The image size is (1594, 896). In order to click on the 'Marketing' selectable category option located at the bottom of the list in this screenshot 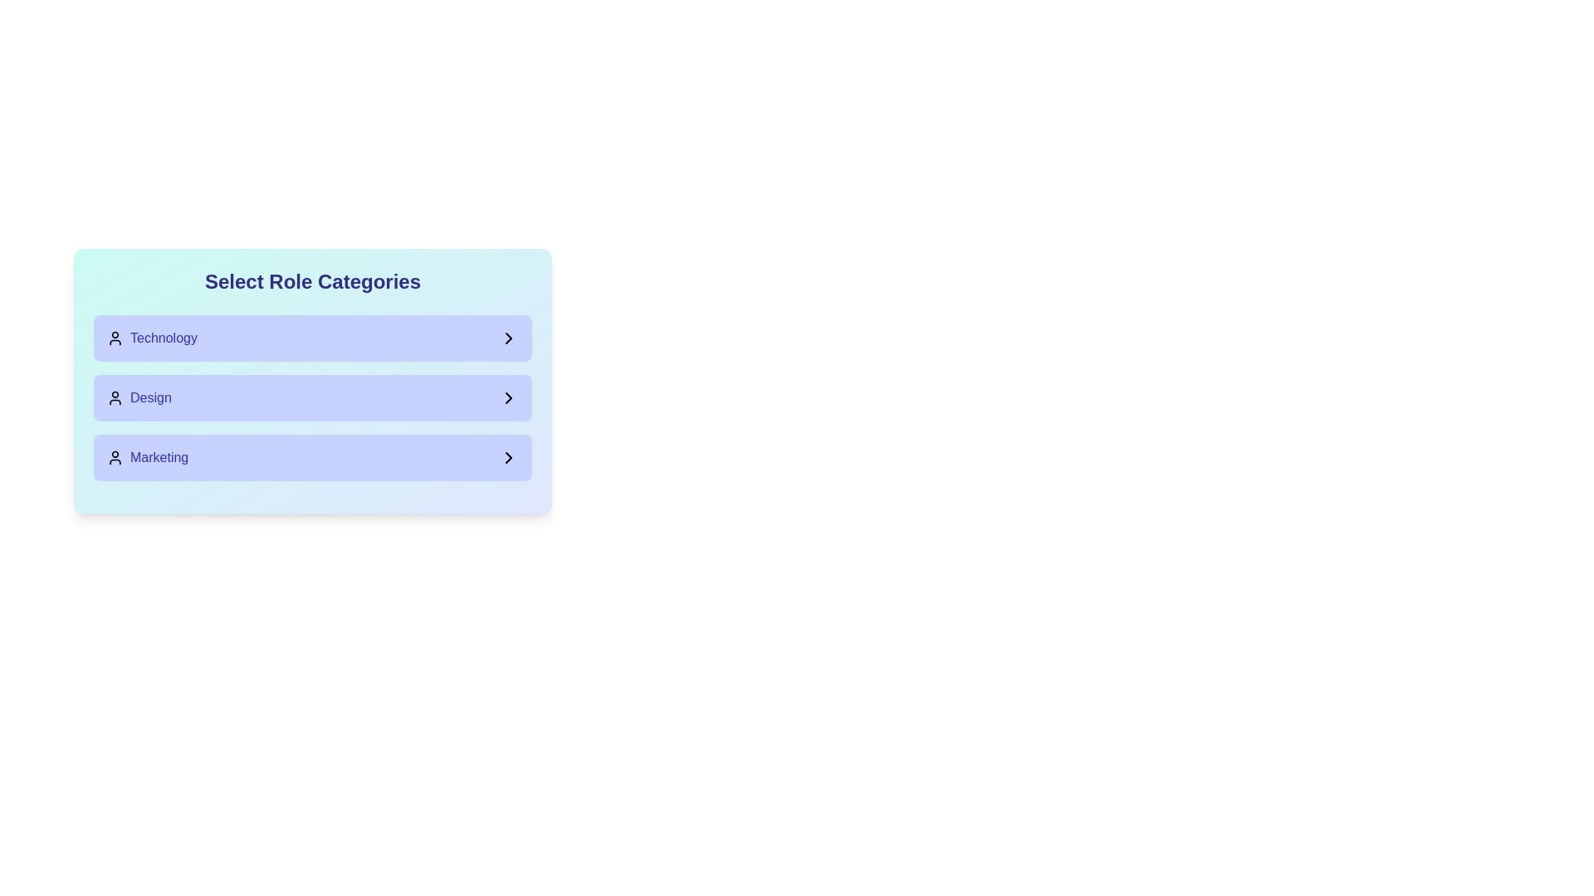, I will do `click(148, 457)`.